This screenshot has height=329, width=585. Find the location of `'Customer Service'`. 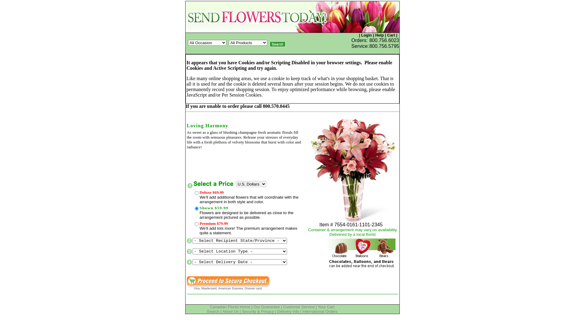

'Customer Service' is located at coordinates (299, 307).